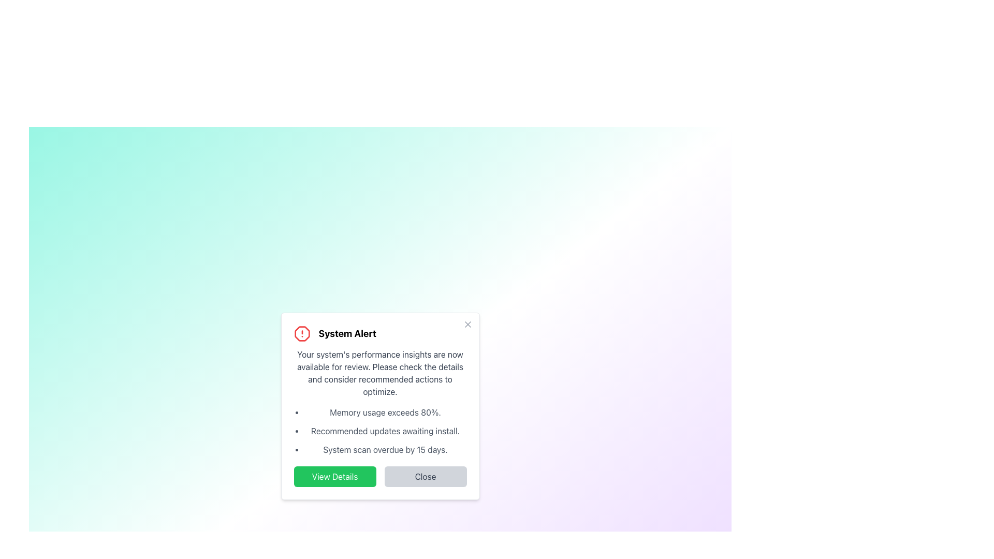  Describe the element at coordinates (385, 449) in the screenshot. I see `the text element that informs users about an overdue system scan, located in the 'System Alert' box, just above the 'View Details' and 'Close' buttons` at that location.